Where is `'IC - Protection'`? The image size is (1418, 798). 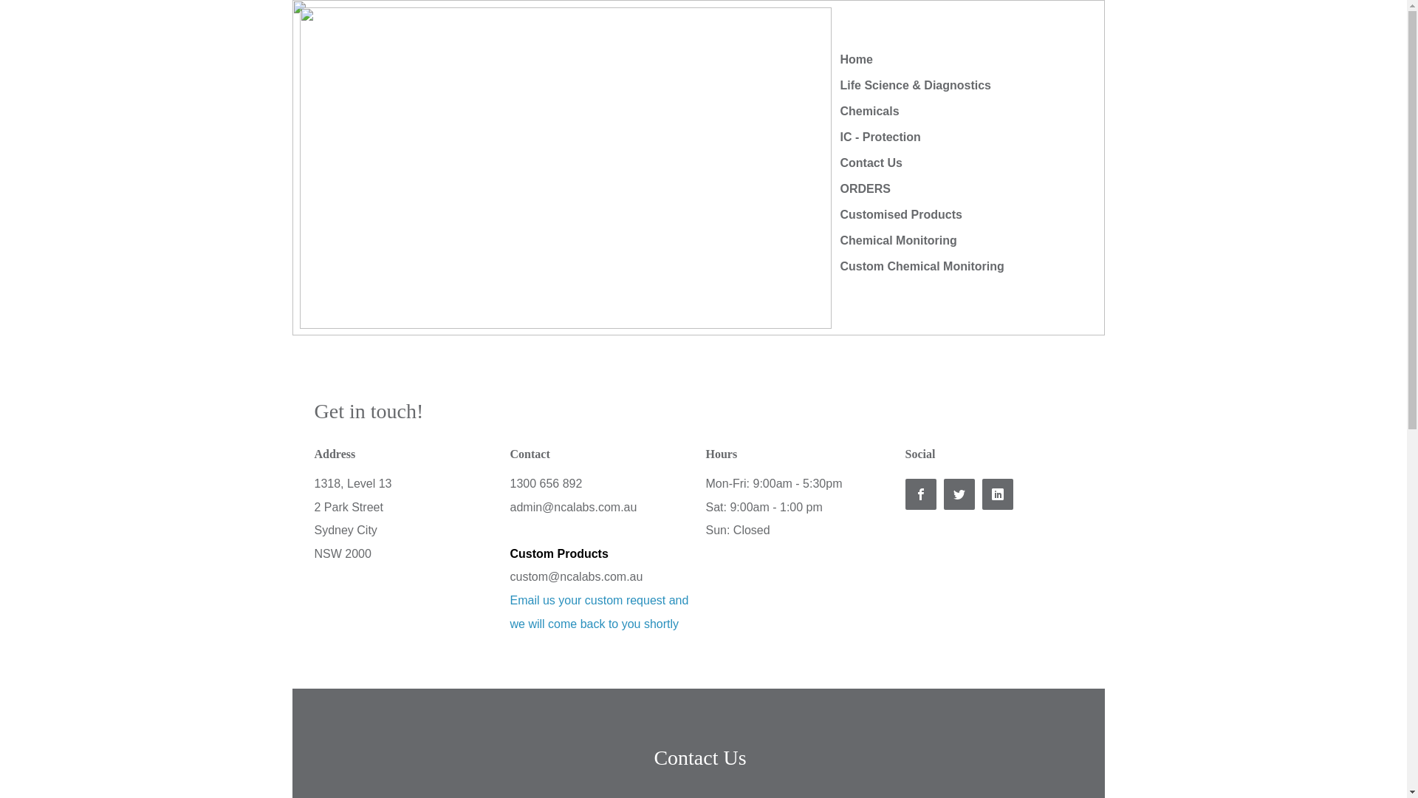
'IC - Protection' is located at coordinates (880, 137).